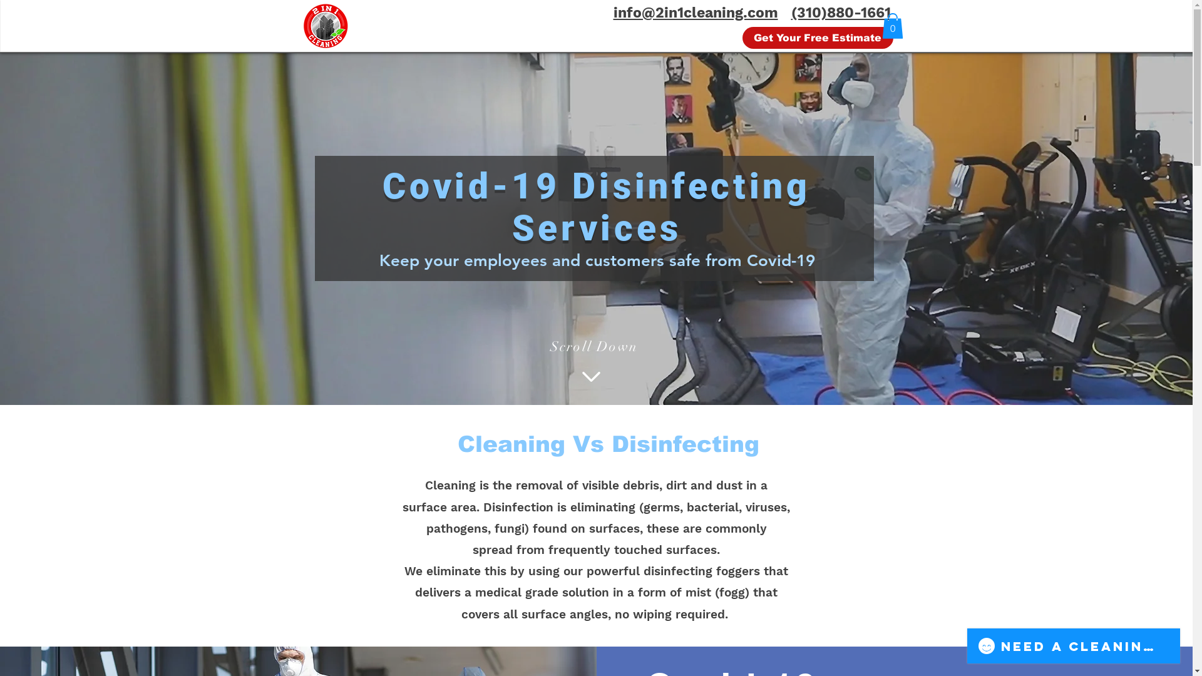 This screenshot has height=676, width=1202. Describe the element at coordinates (891, 26) in the screenshot. I see `'0'` at that location.